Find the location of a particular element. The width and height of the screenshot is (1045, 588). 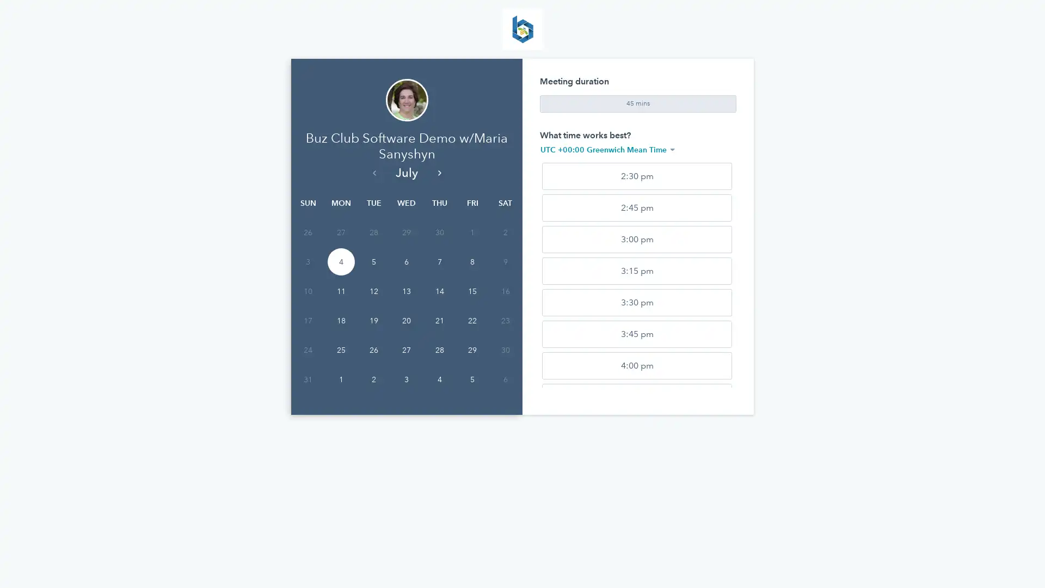

July 22nd is located at coordinates (472, 320).